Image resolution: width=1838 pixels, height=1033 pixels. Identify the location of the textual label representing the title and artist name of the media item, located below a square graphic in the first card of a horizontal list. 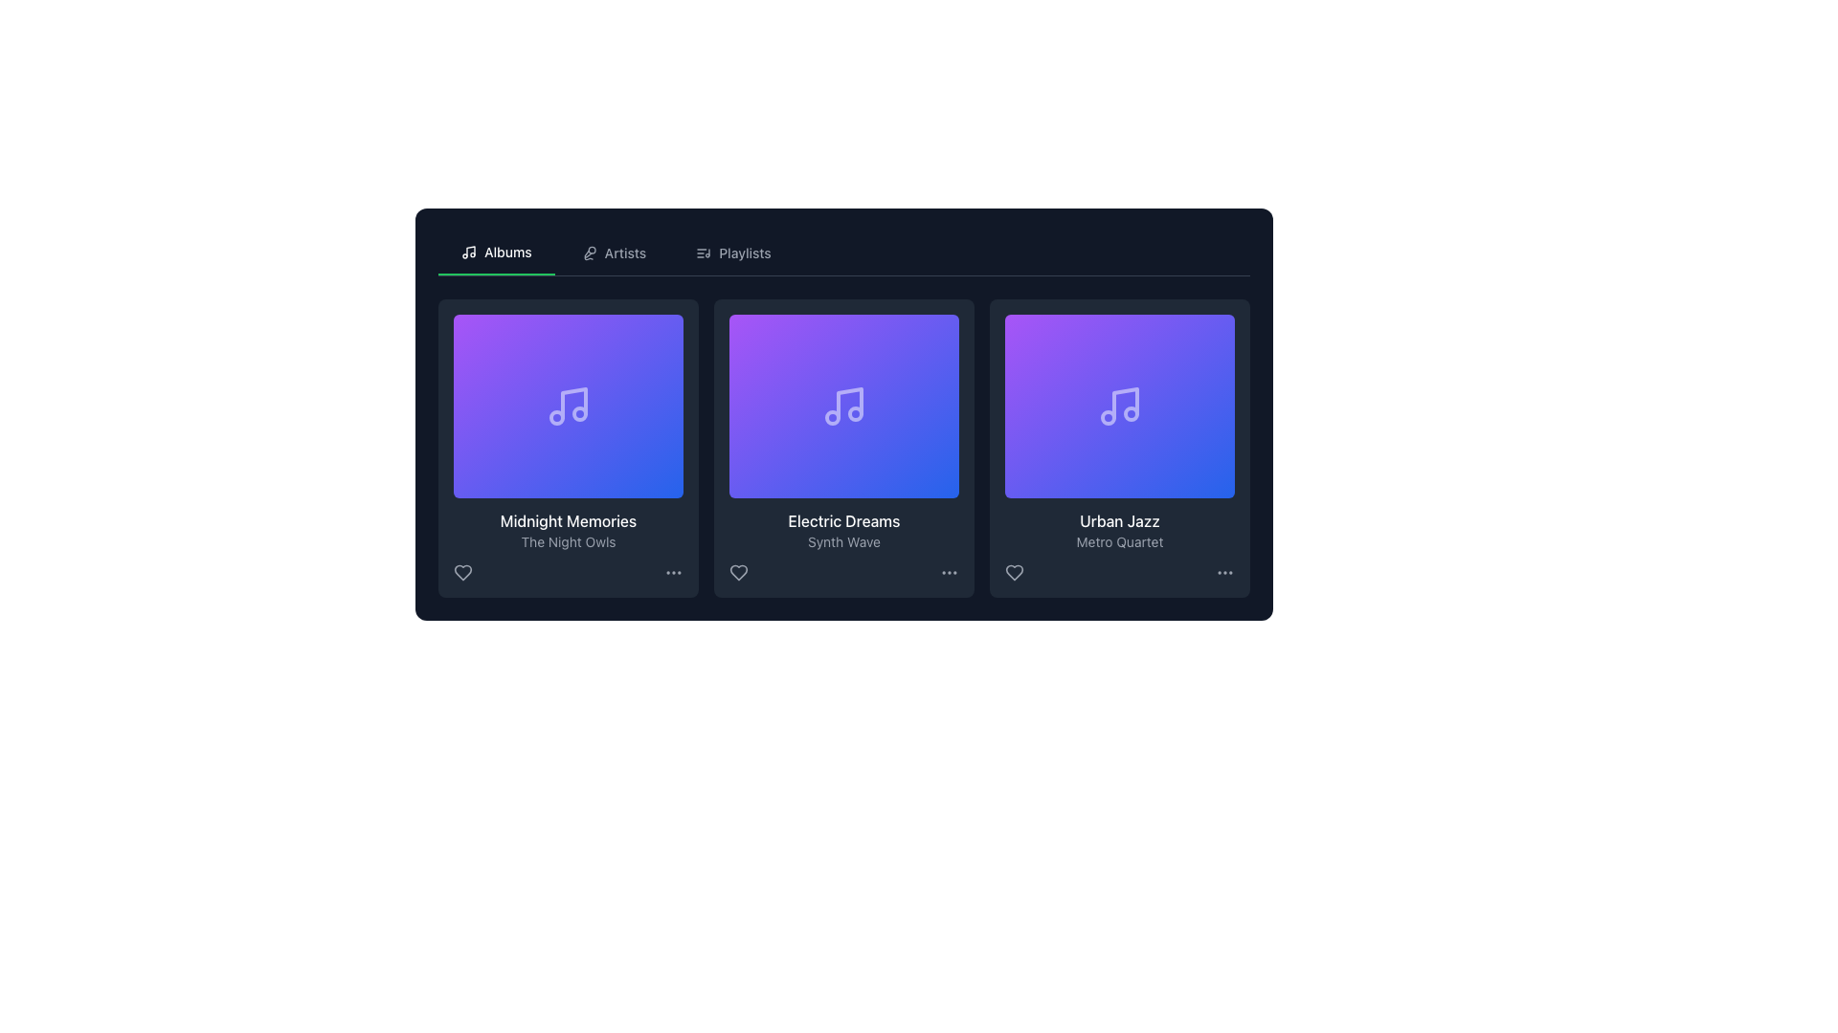
(568, 531).